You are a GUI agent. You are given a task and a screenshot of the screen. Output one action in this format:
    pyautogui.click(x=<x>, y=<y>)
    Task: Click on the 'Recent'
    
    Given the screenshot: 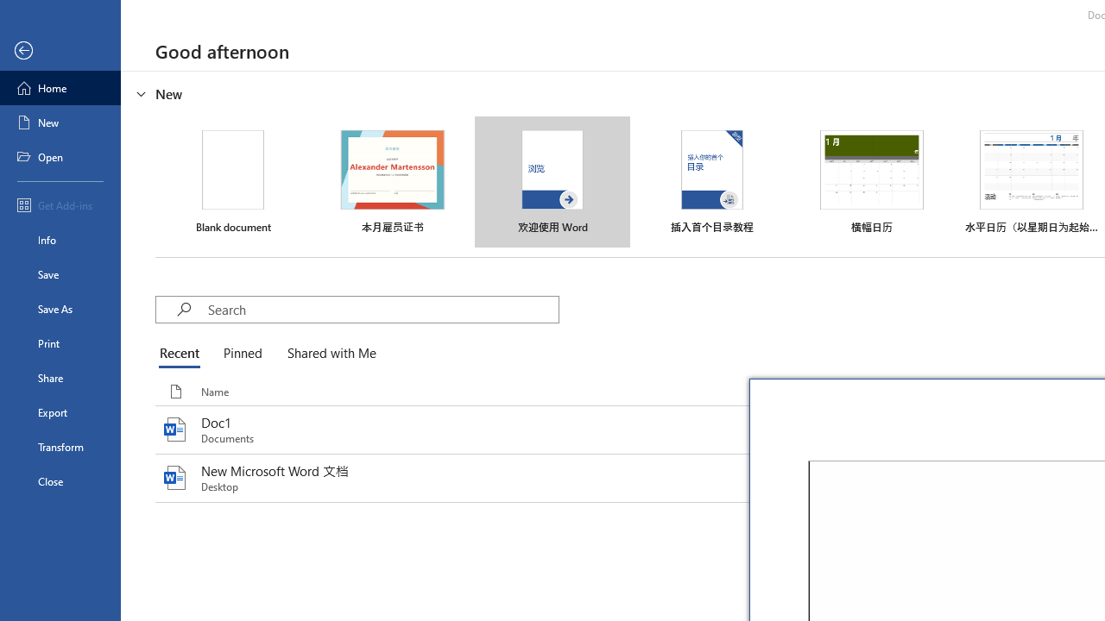 What is the action you would take?
    pyautogui.click(x=183, y=354)
    